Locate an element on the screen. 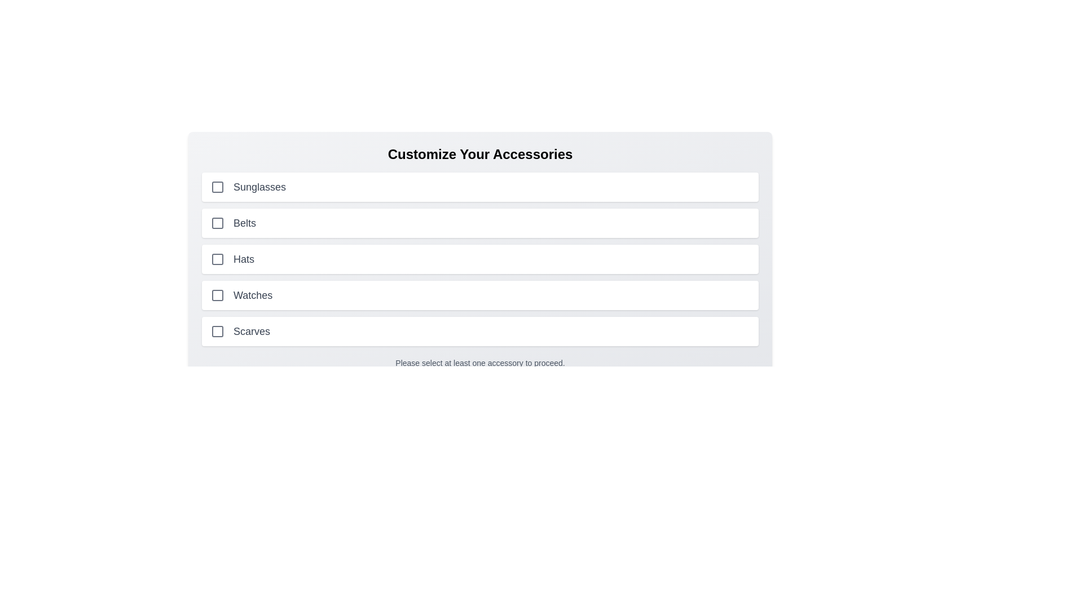 The height and width of the screenshot is (609, 1083). the checkbox next to the 'Hats' option, which is a small square icon with rounded corners is located at coordinates (217, 259).